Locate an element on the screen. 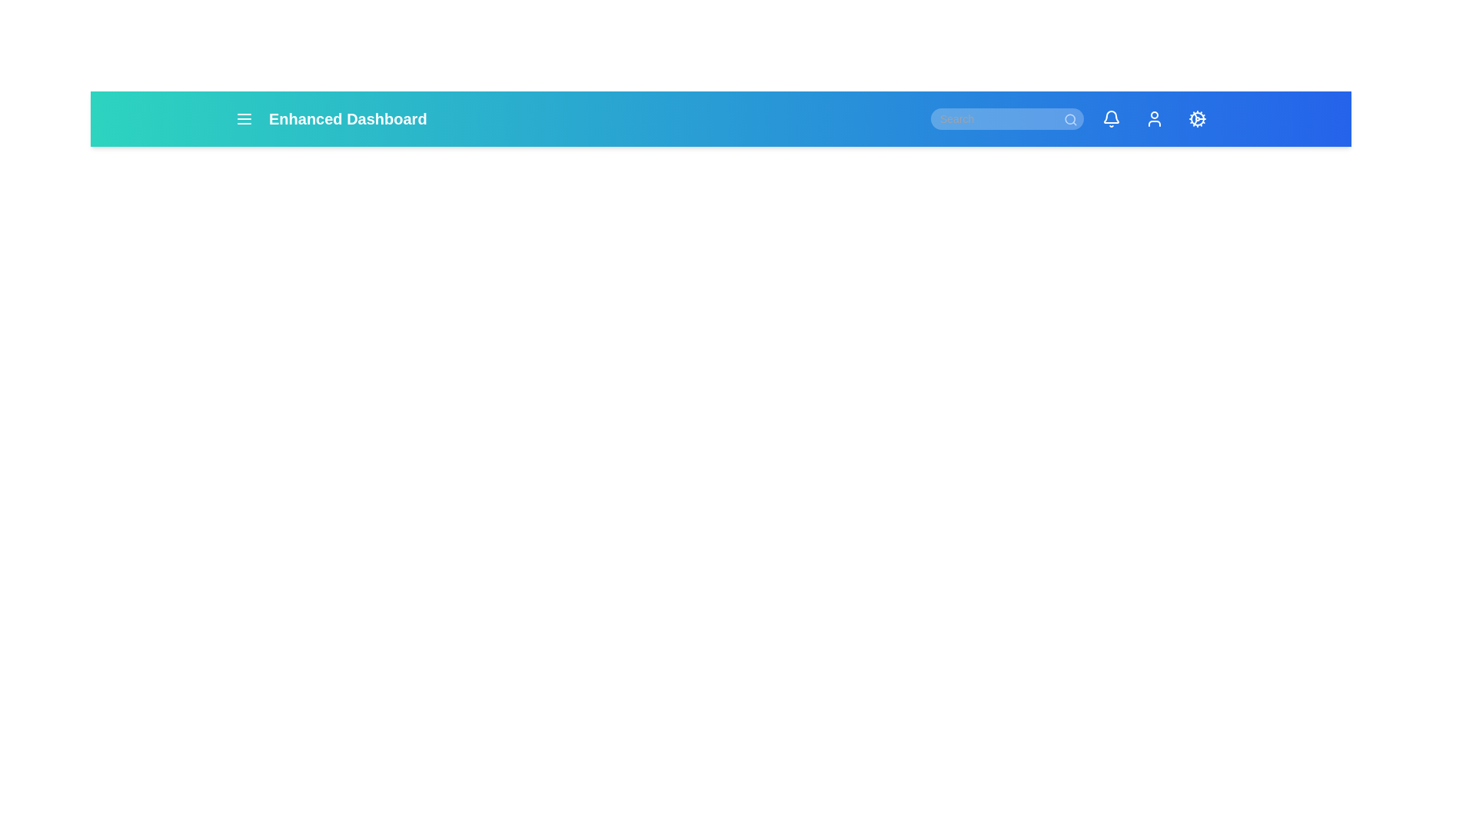 The image size is (1476, 830). the bell icon to view notifications is located at coordinates (1111, 118).